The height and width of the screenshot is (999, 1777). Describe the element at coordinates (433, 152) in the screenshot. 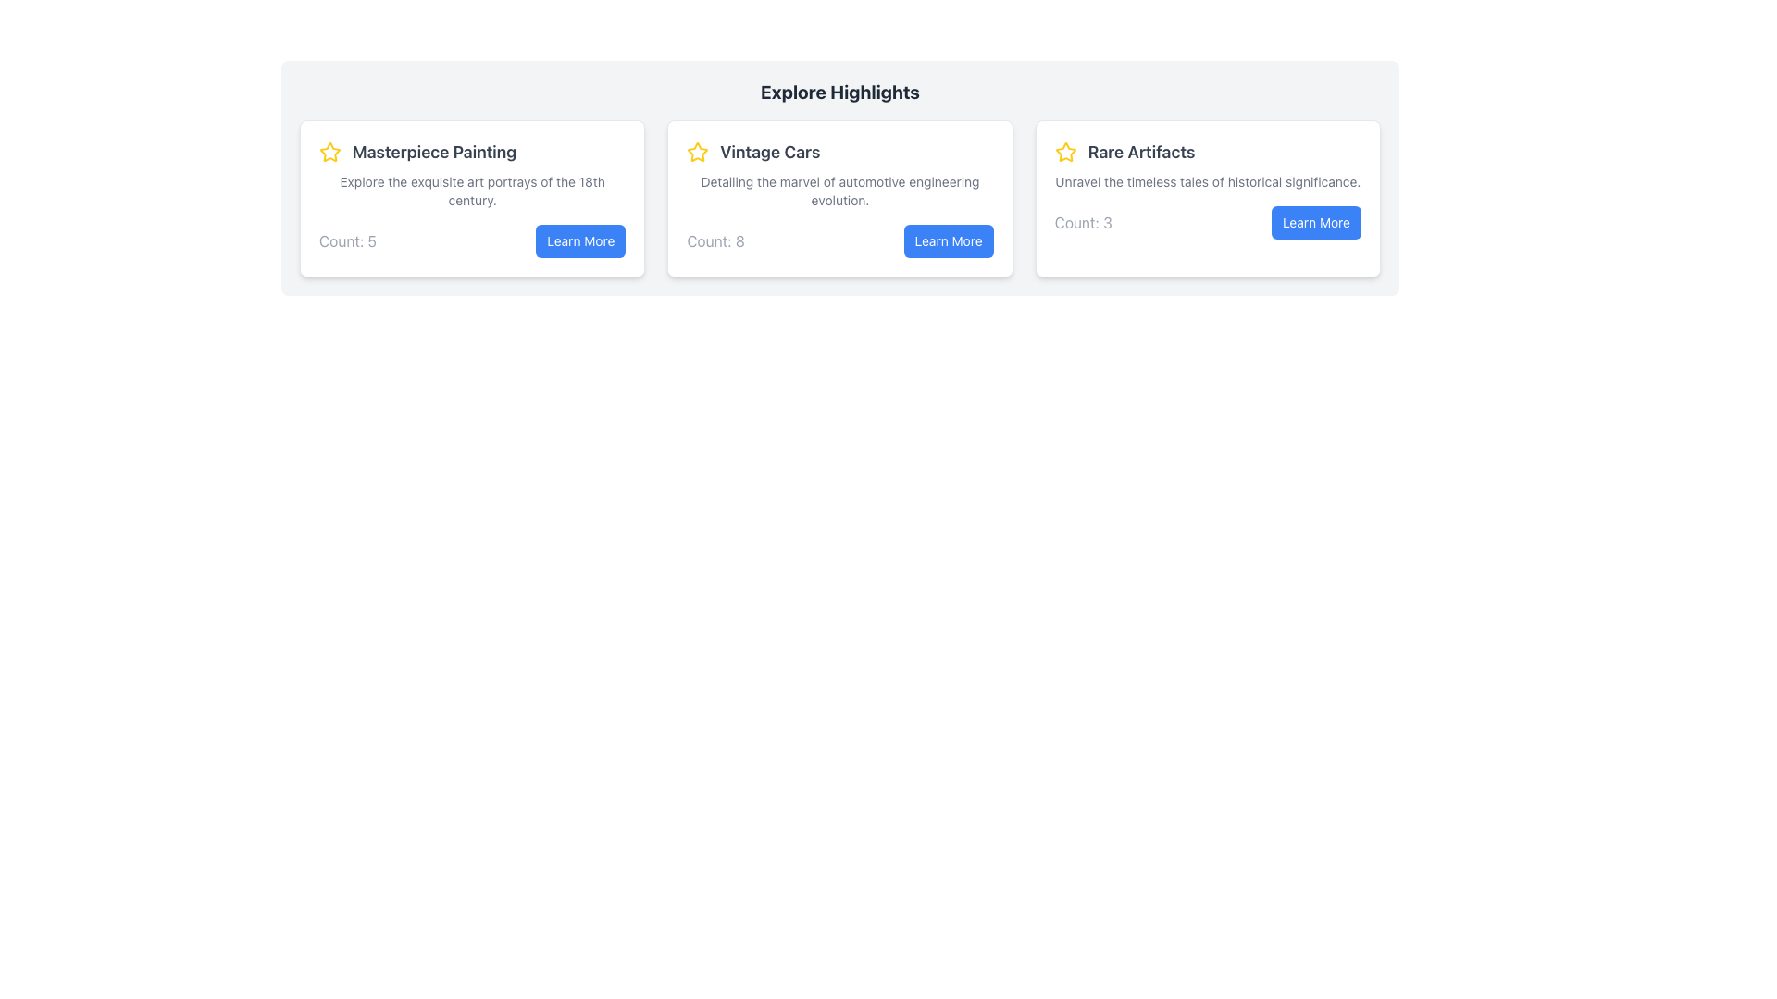

I see `the title text label which is part of the card component located in the leftmost column, next to a yellow star icon` at that location.